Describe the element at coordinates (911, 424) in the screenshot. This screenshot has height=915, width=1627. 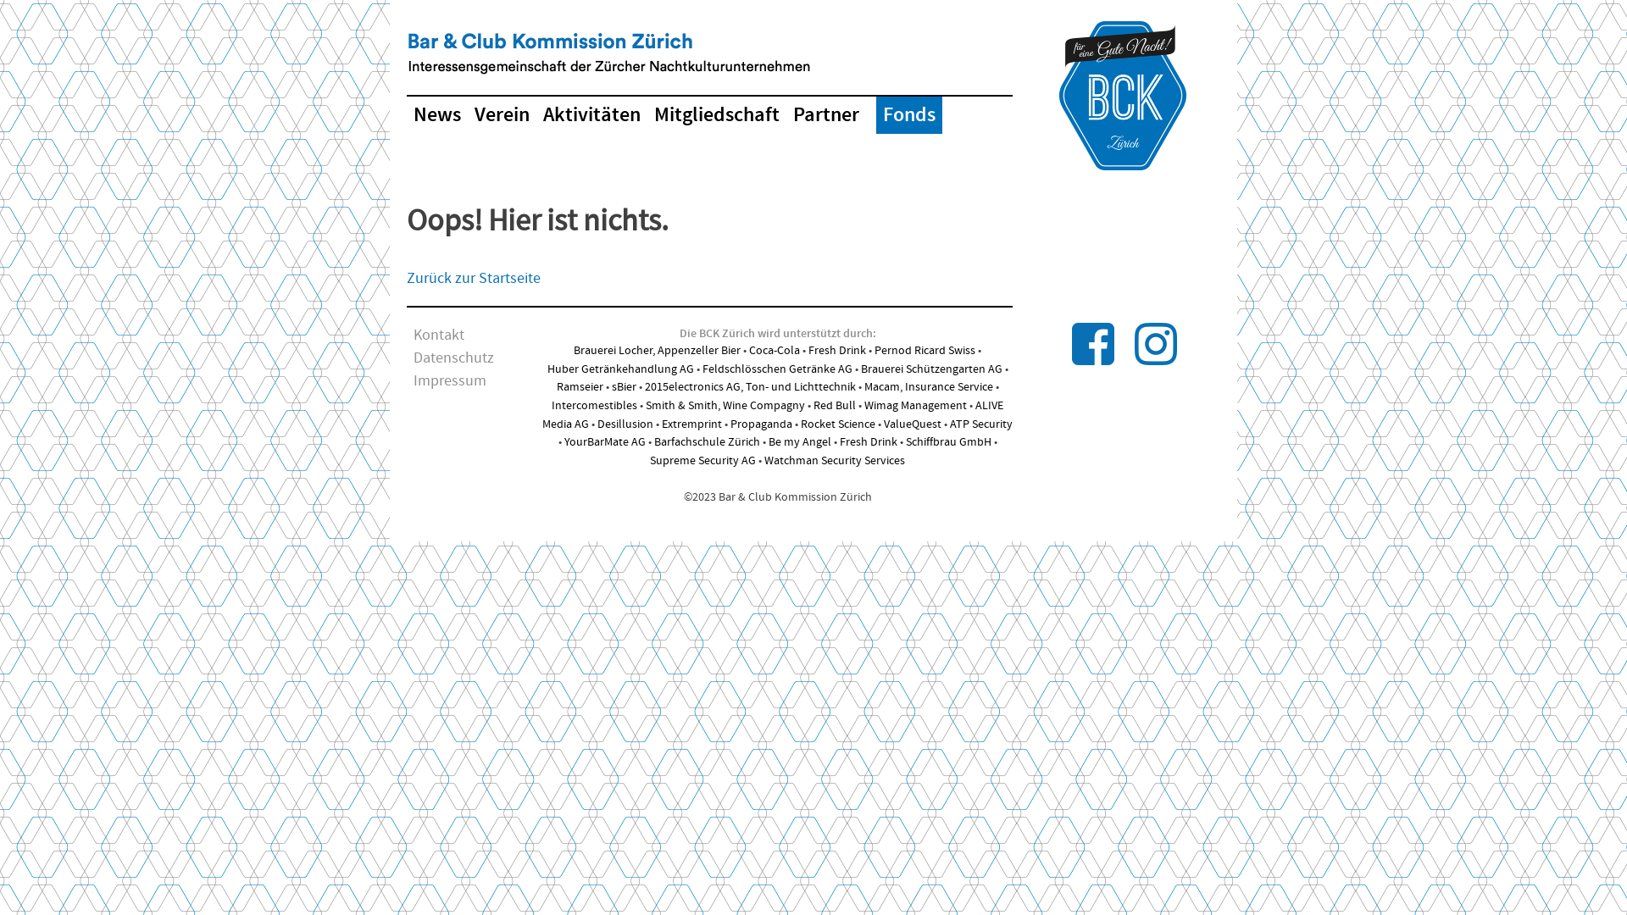
I see `'ValueQuest'` at that location.